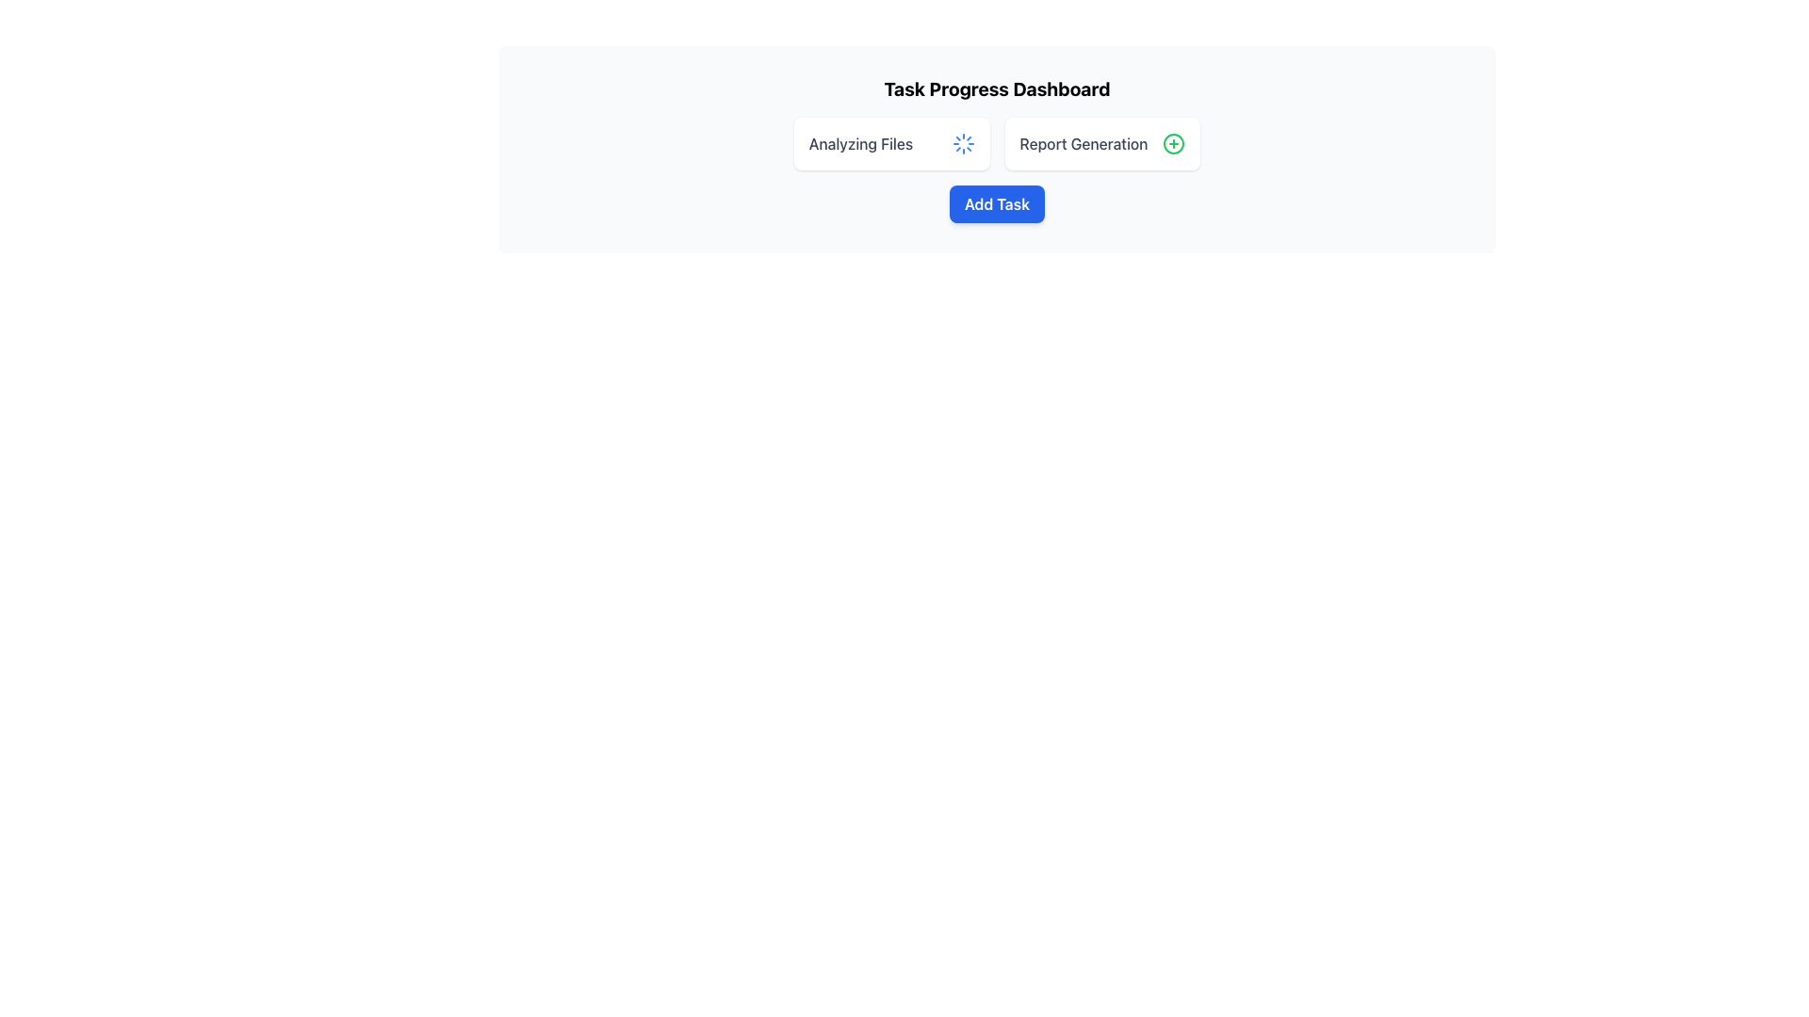 This screenshot has height=1017, width=1809. Describe the element at coordinates (1173, 143) in the screenshot. I see `the circular icon for adding or creating something in the context of 'Report Generation', located near the central upper part of the interface` at that location.